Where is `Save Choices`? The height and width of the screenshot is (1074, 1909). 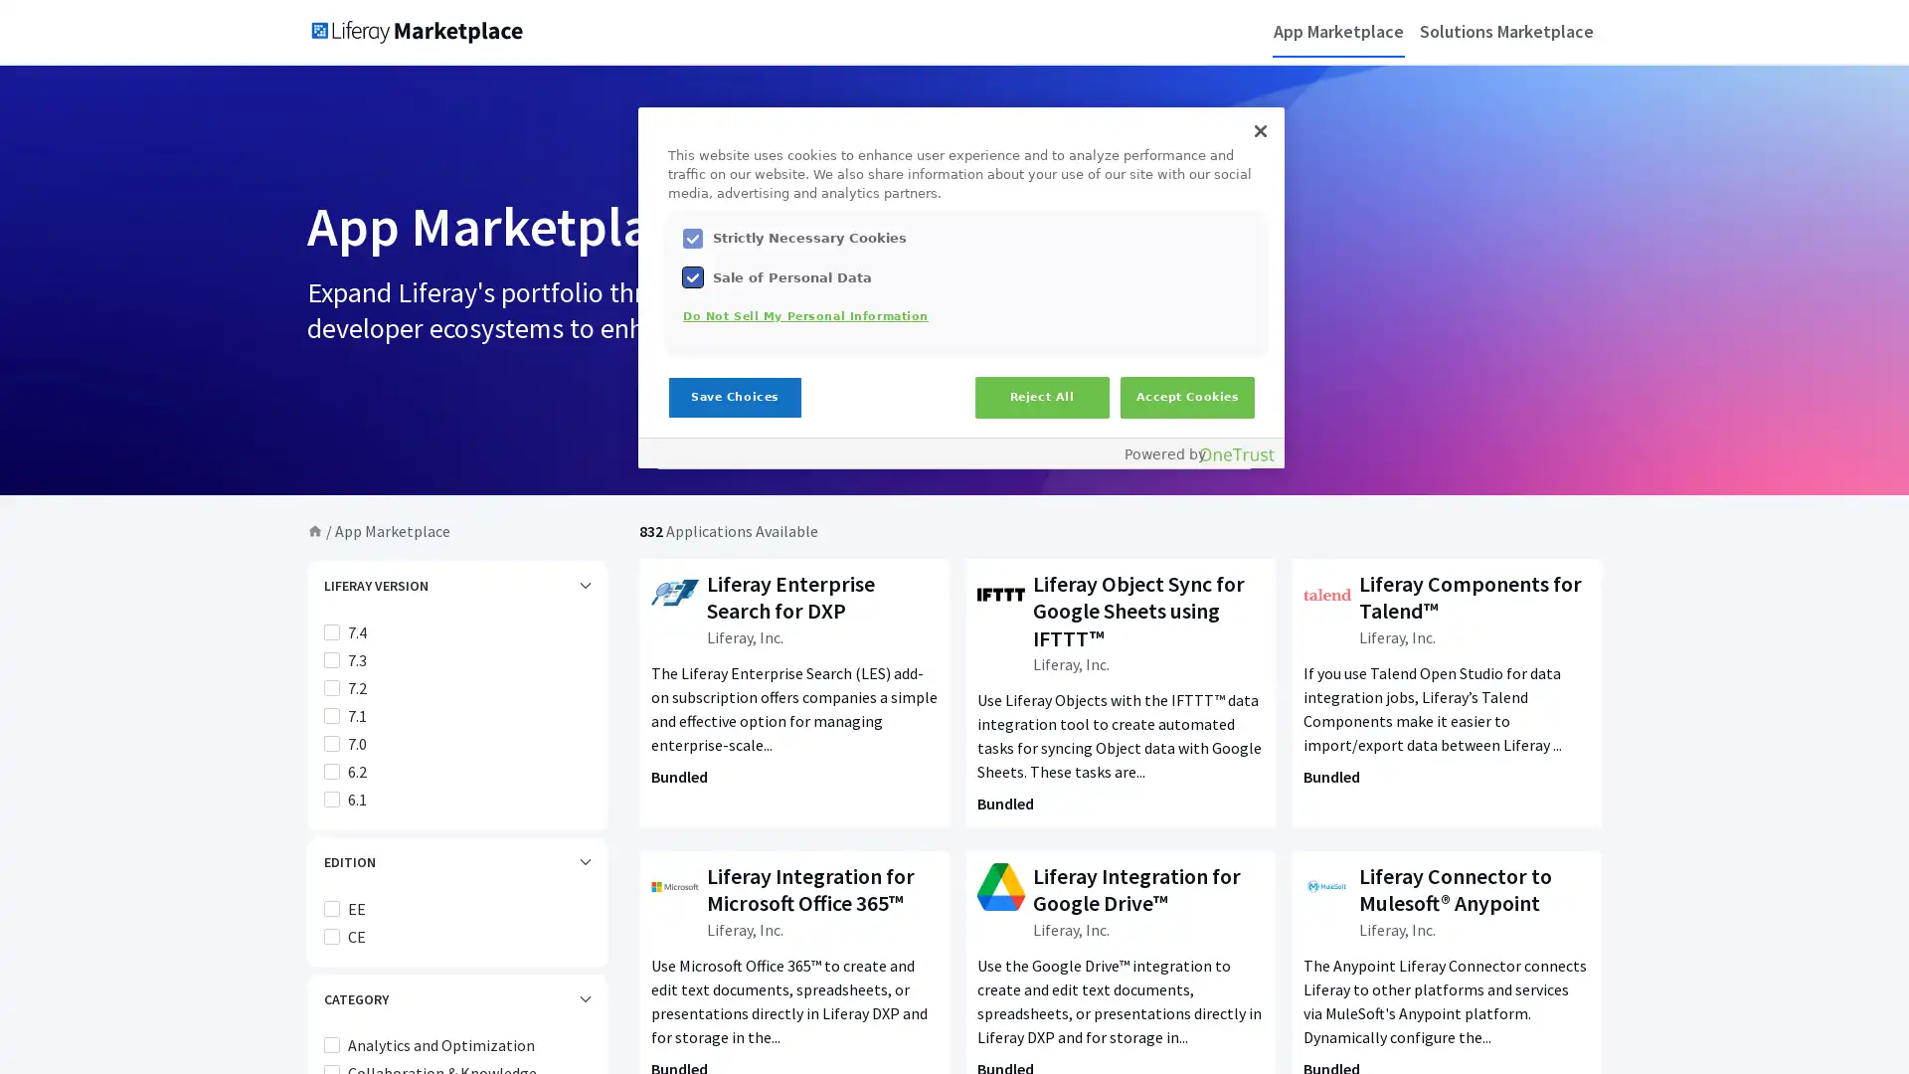 Save Choices is located at coordinates (734, 396).